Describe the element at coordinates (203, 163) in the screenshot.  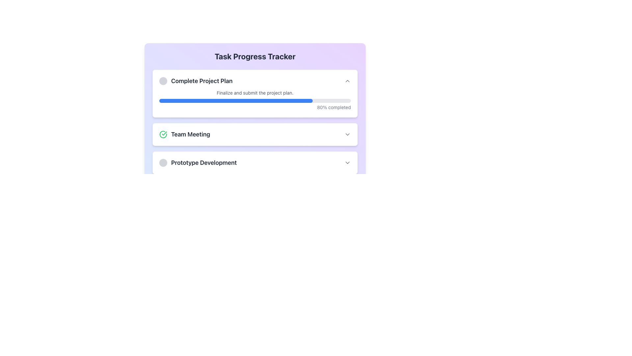
I see `the text label that identifies the last task in the vertical task list, positioned to the right of the circular icon below the 'Team Meeting' entry` at that location.